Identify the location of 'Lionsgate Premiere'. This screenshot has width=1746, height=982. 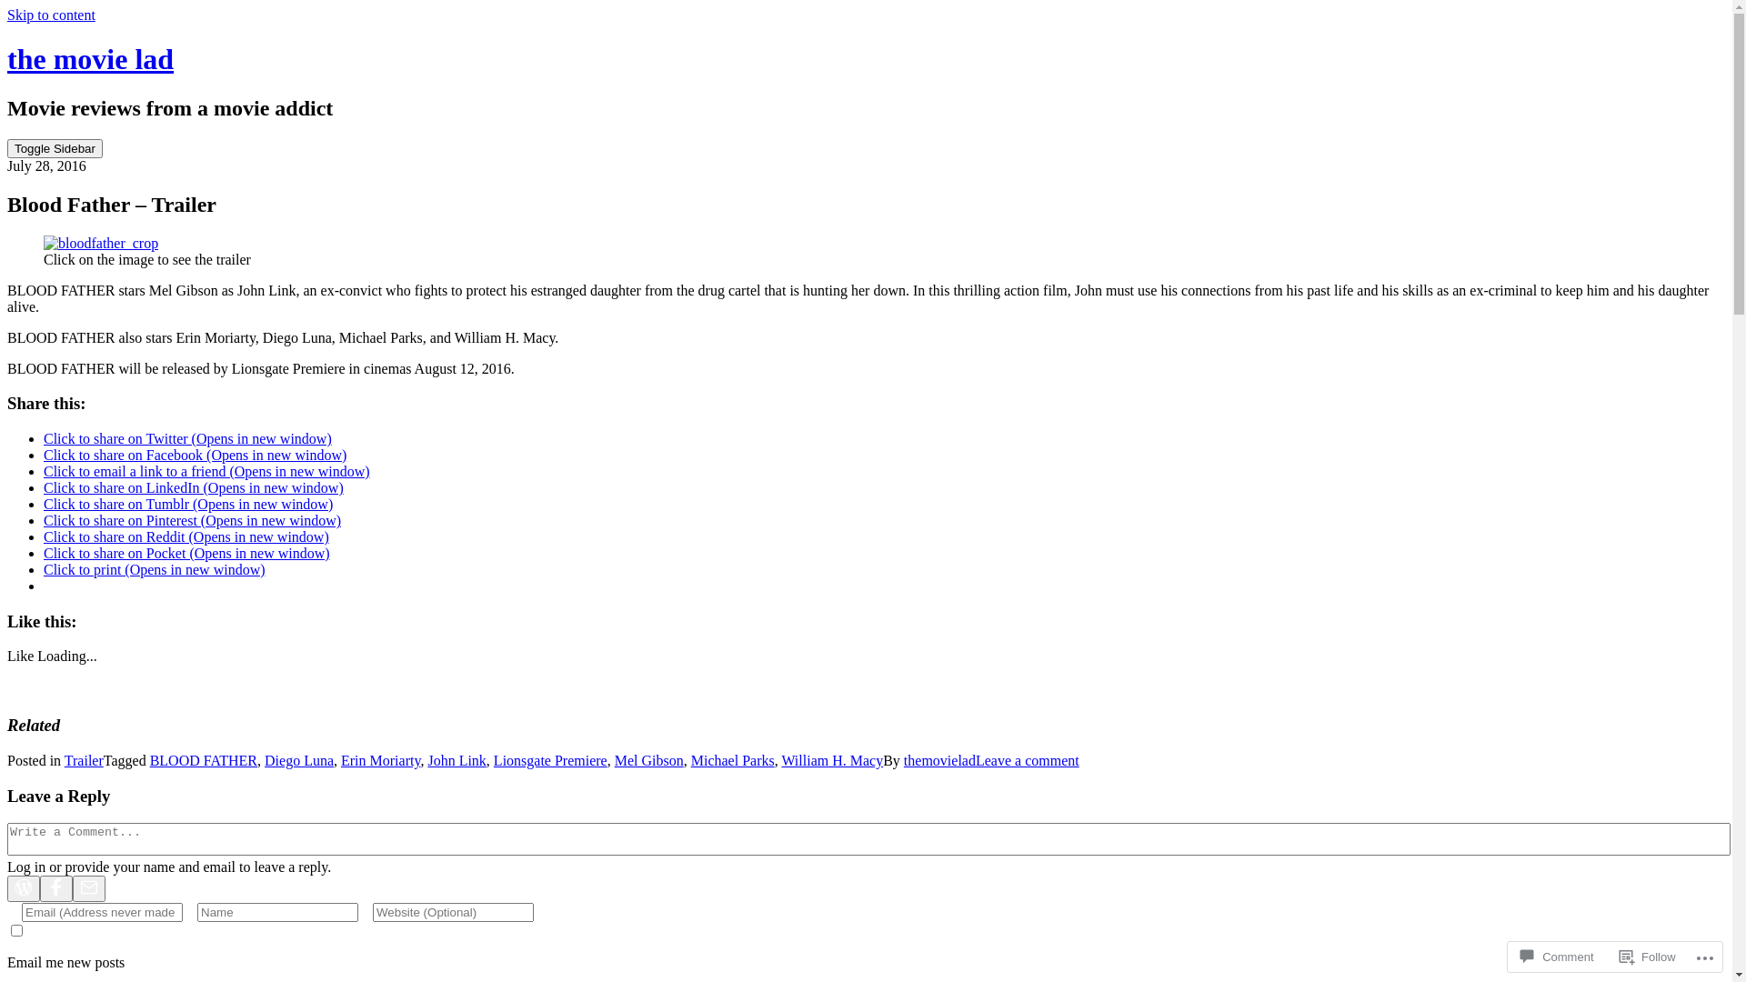
(549, 760).